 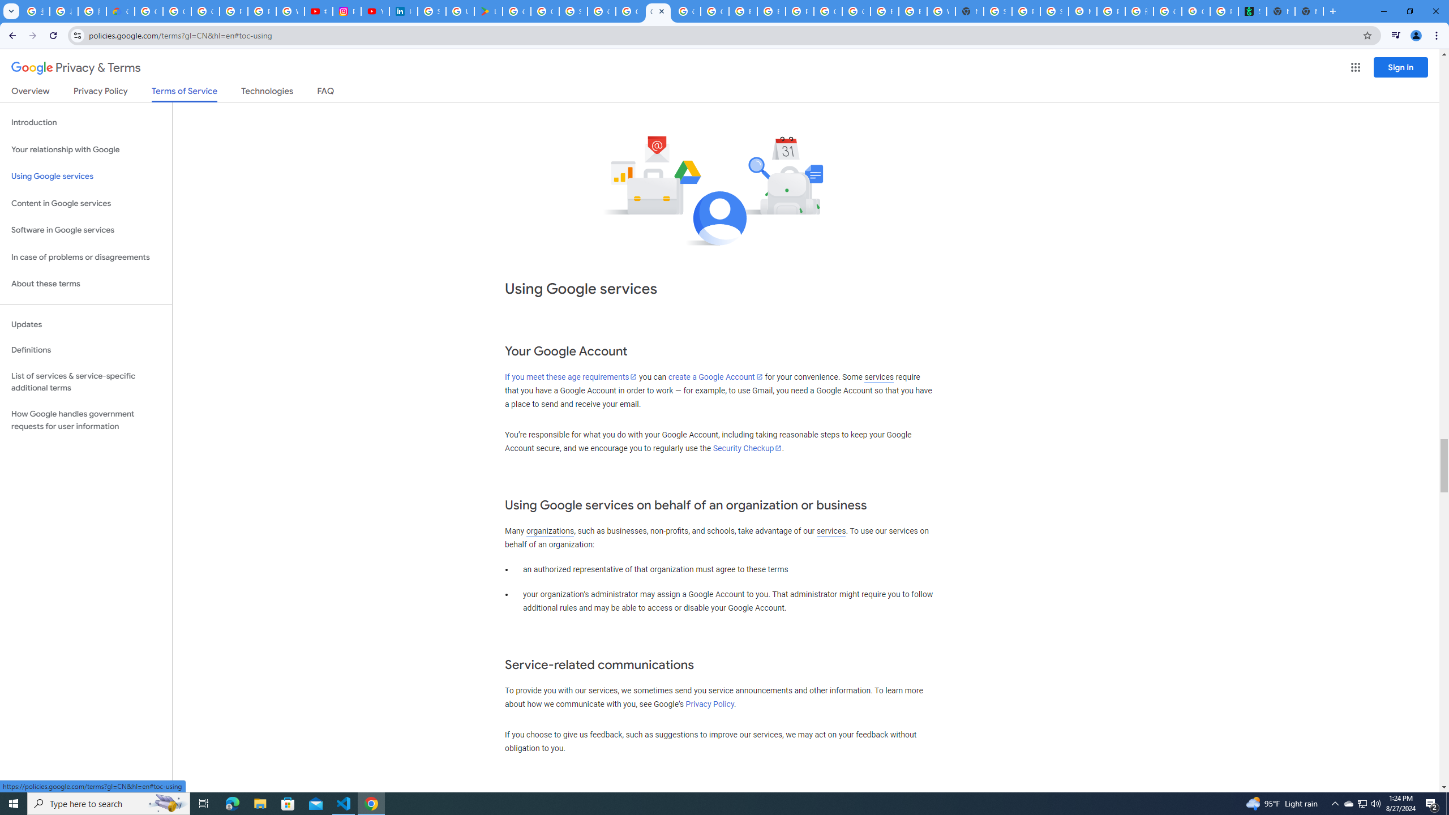 I want to click on 'organizations', so click(x=549, y=531).